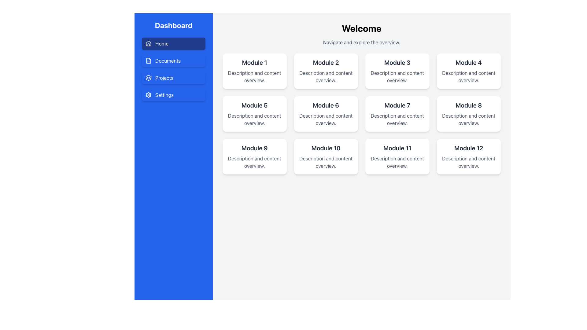  What do you see at coordinates (361, 42) in the screenshot?
I see `the gray text label that reads 'Navigate and explore the overview.' which is positioned below the 'Welcome' heading` at bounding box center [361, 42].